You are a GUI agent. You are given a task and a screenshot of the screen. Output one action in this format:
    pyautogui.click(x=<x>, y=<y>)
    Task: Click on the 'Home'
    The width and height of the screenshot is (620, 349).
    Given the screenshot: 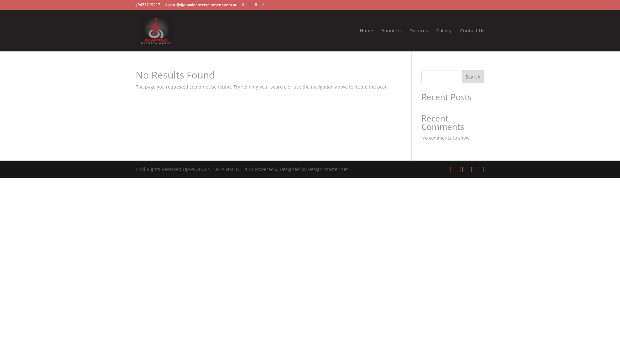 What is the action you would take?
    pyautogui.click(x=359, y=40)
    